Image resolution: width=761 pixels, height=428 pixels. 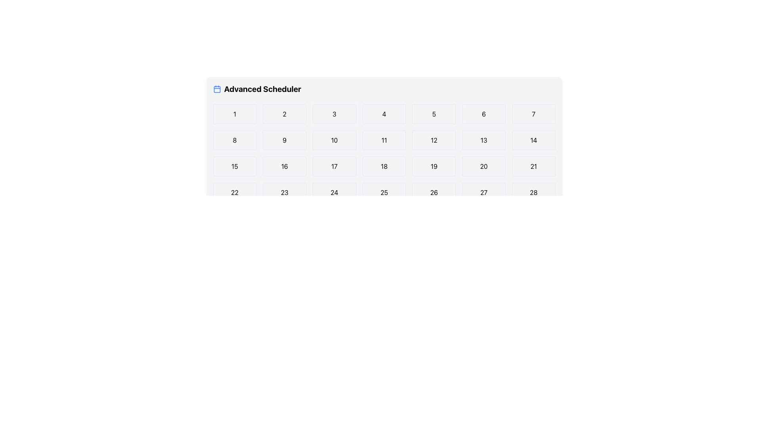 What do you see at coordinates (234, 114) in the screenshot?
I see `the first button in the grid below the 'Advanced Scheduler' title` at bounding box center [234, 114].